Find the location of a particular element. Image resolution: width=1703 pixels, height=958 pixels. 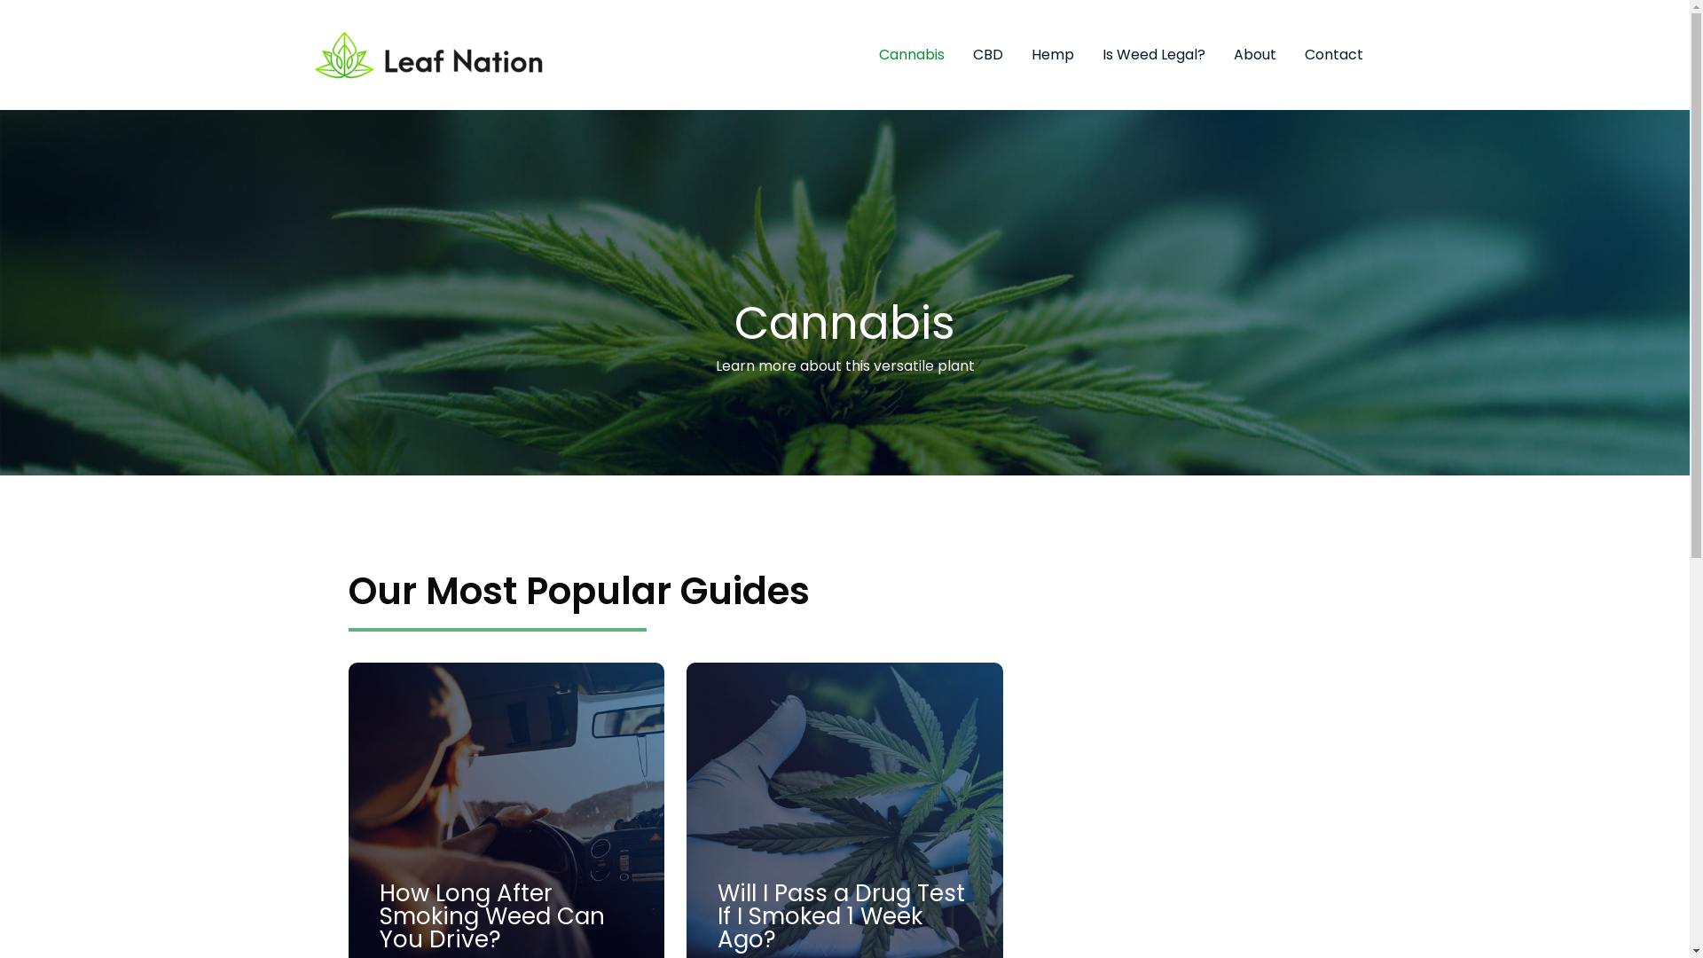

'CBD' is located at coordinates (986, 53).